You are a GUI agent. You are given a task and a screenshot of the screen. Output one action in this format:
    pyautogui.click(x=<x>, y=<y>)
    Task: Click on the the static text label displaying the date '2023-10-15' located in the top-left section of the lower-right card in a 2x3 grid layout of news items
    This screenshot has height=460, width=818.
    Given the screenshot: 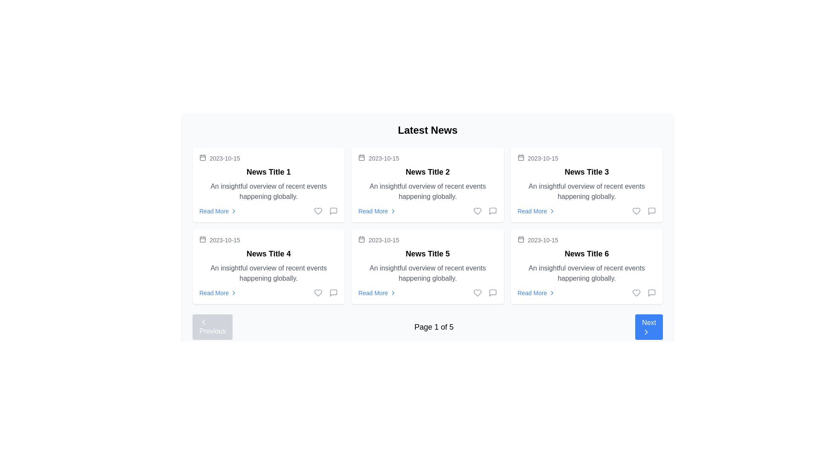 What is the action you would take?
    pyautogui.click(x=542, y=240)
    